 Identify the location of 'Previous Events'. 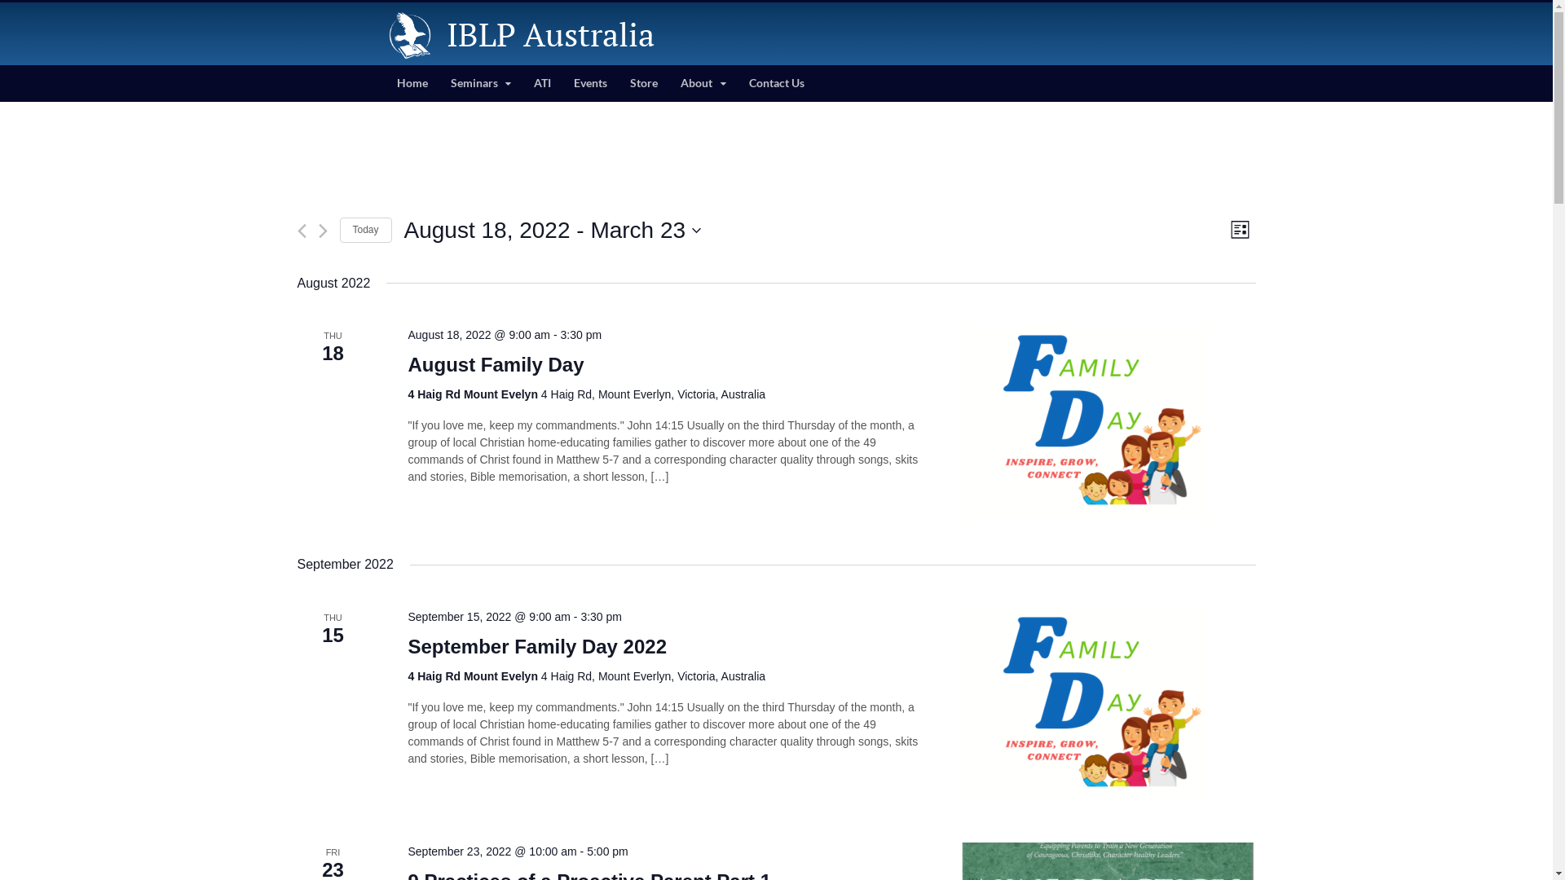
(301, 231).